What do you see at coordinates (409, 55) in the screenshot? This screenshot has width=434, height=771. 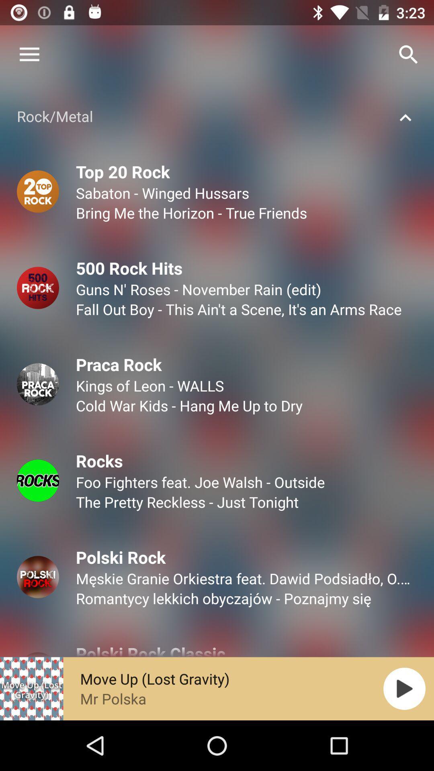 I see `search button` at bounding box center [409, 55].